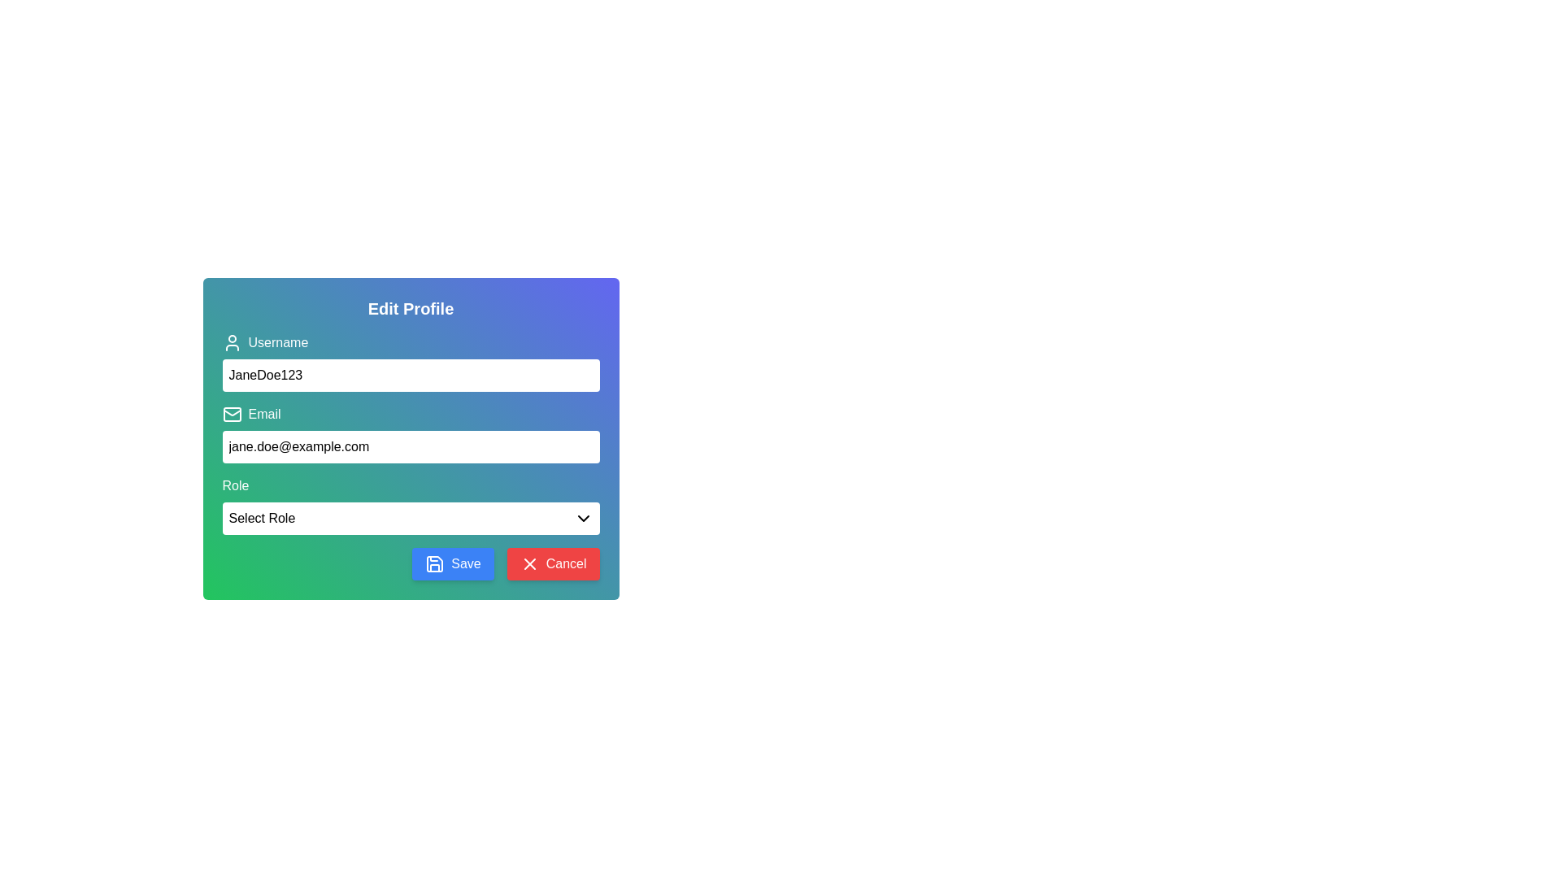 This screenshot has height=878, width=1561. I want to click on the save icon, which is a white floppy disk graphic located on the blue button with the text 'Save' at the bottom left of the profile editing form, so click(435, 563).